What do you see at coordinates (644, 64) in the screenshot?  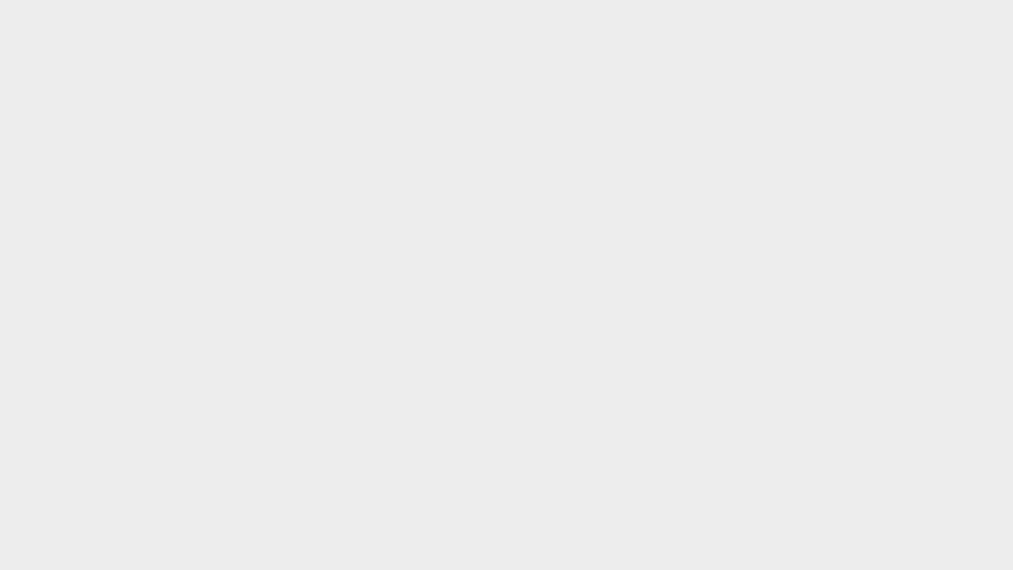 I see `'Living Word BookStore'` at bounding box center [644, 64].